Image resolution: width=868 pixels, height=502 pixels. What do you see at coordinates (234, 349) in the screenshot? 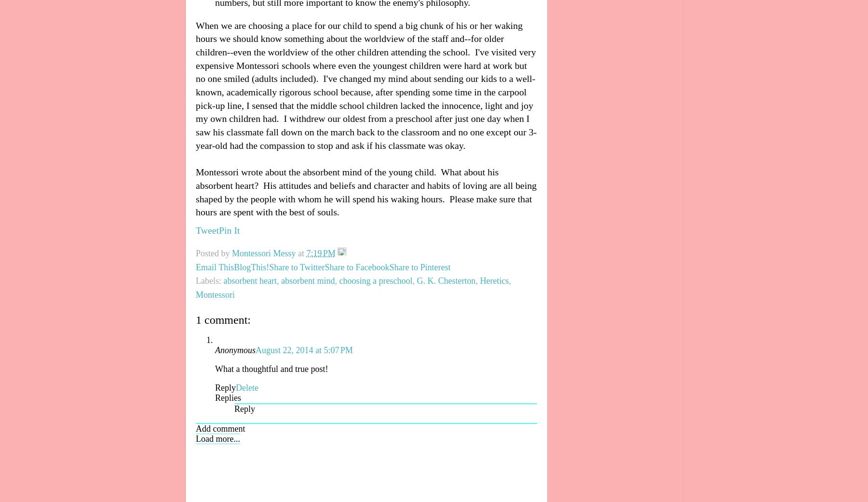
I see `'Anonymous'` at bounding box center [234, 349].